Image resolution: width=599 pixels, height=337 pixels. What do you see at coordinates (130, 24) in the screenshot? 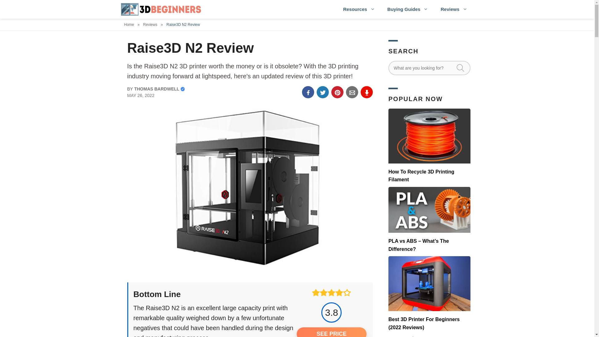
I see `'Home'` at bounding box center [130, 24].